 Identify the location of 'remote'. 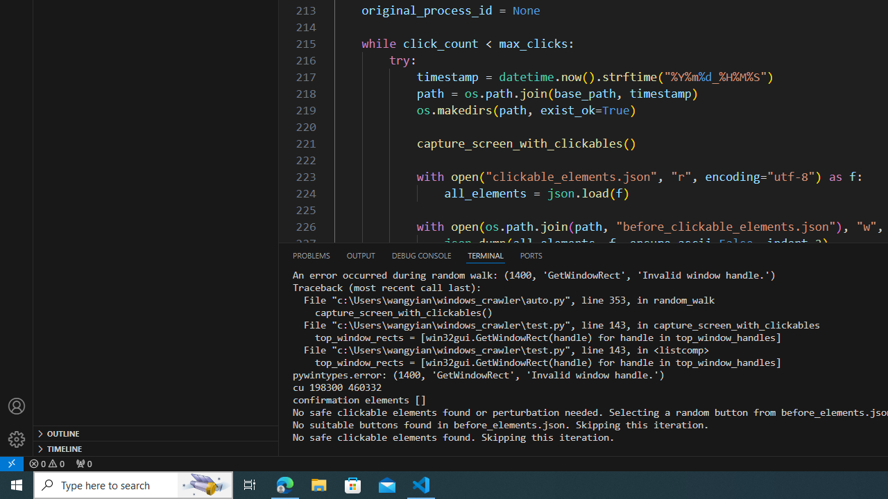
(12, 463).